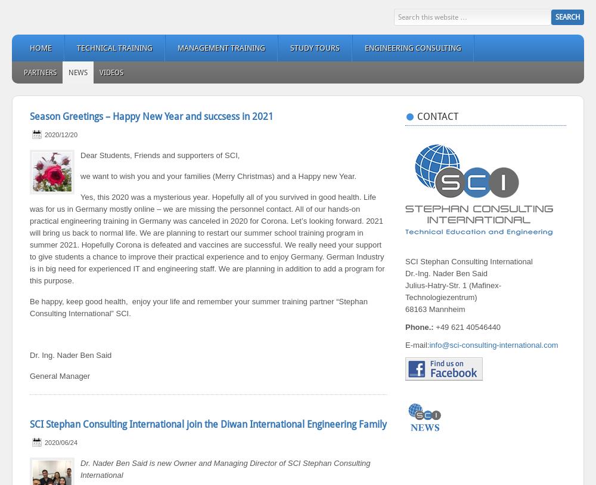  I want to click on 'General Manager', so click(59, 376).